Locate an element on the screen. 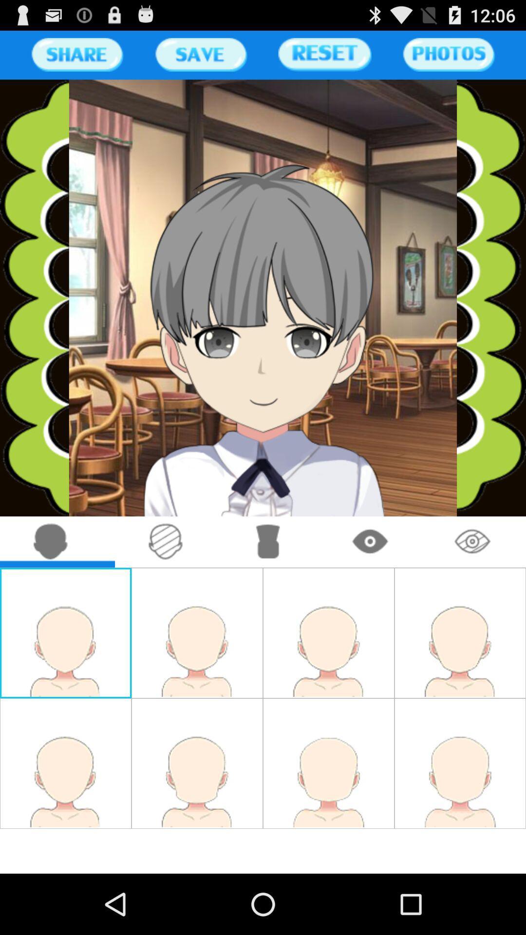 The image size is (526, 935). photo album is located at coordinates (449, 54).